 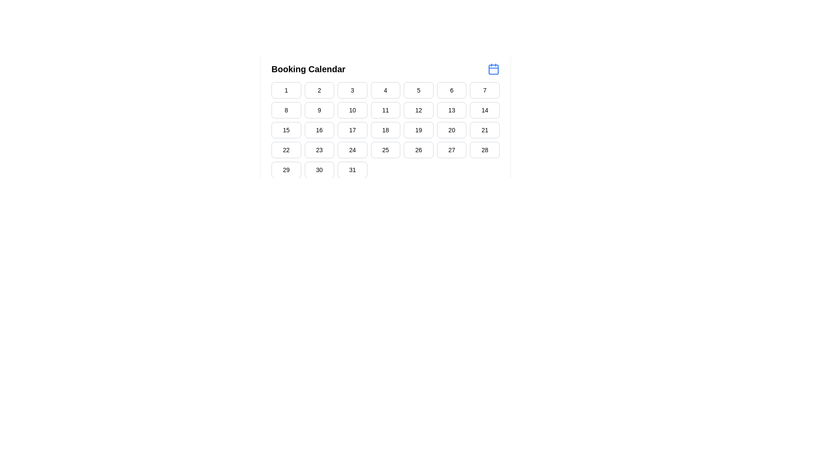 What do you see at coordinates (485, 109) in the screenshot?
I see `the rectangular button displaying the number '14' to trigger its visual change` at bounding box center [485, 109].